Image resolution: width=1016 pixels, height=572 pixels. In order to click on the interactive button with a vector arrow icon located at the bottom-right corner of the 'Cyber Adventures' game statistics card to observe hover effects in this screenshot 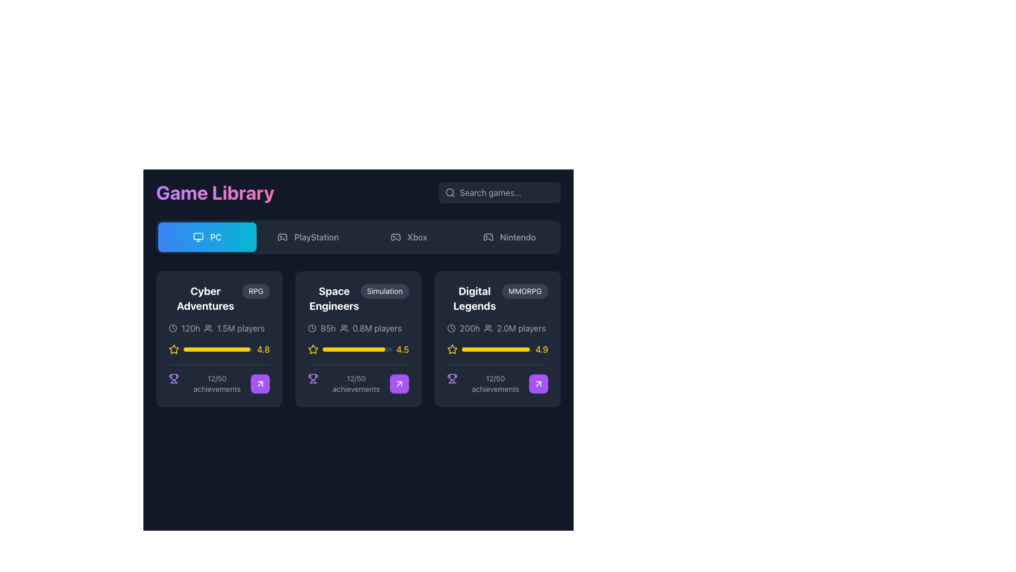, I will do `click(260, 384)`.